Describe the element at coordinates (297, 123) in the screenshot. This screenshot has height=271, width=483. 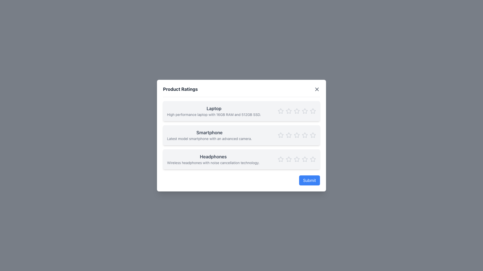
I see `across the series of five hollow stars in the Rating control` at that location.